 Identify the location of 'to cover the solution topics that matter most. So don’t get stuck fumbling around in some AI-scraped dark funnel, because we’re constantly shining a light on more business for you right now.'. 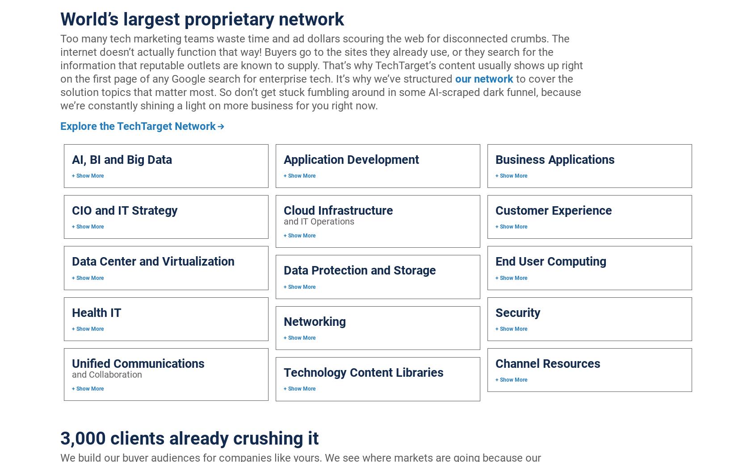
(320, 92).